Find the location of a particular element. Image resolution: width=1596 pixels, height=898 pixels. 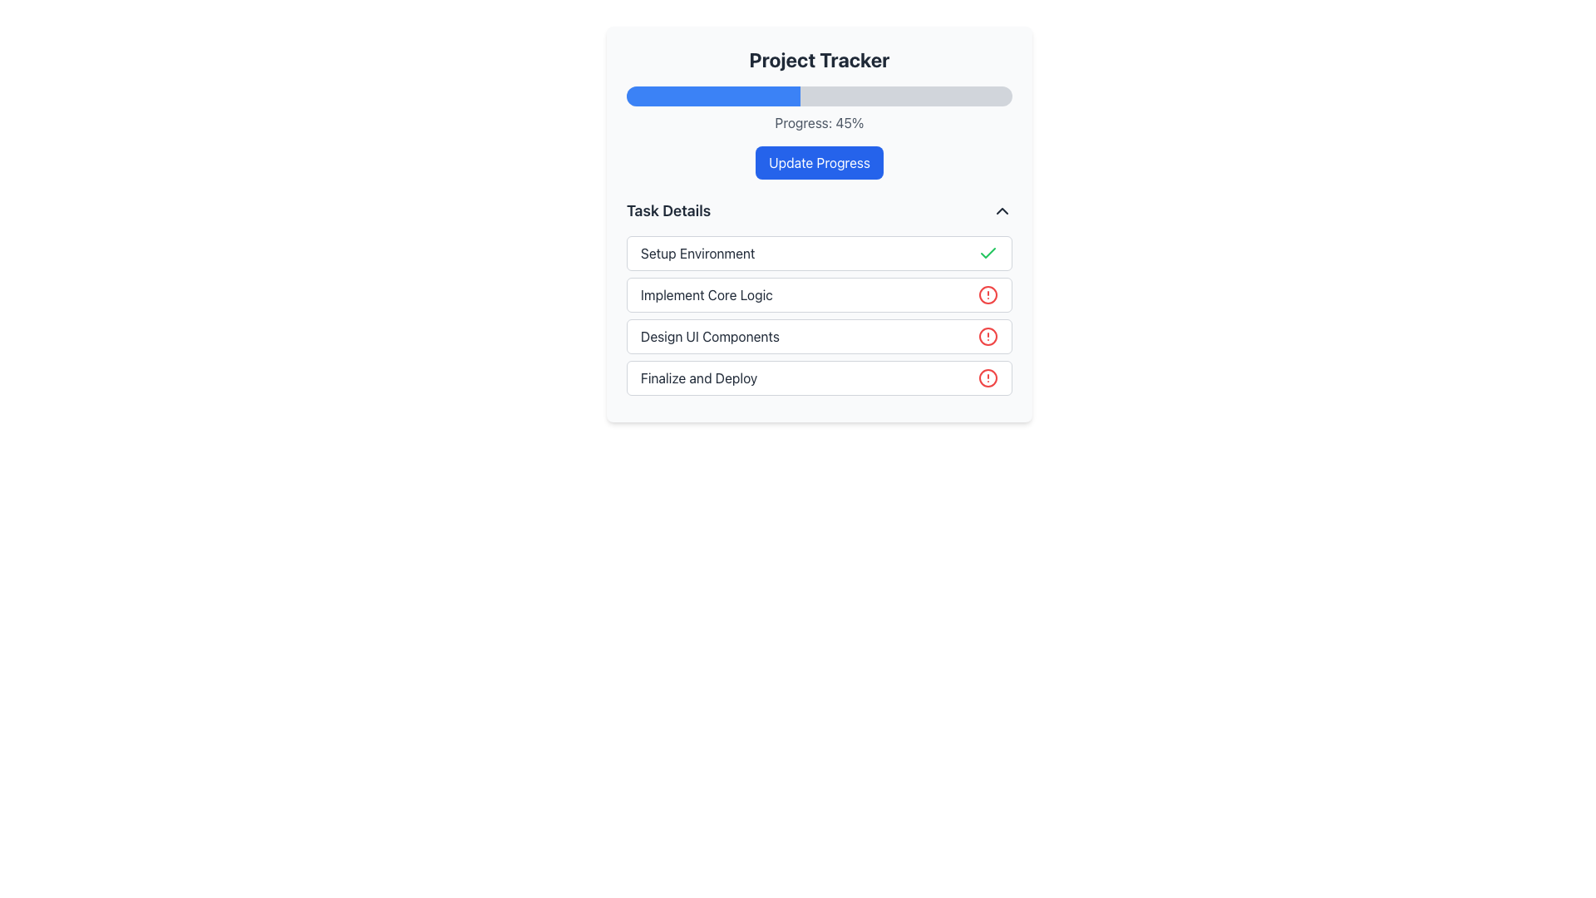

the visually indicated progress on the blue progress indicator segment of the progress bar located below the 'Project Tracker' title is located at coordinates (713, 96).